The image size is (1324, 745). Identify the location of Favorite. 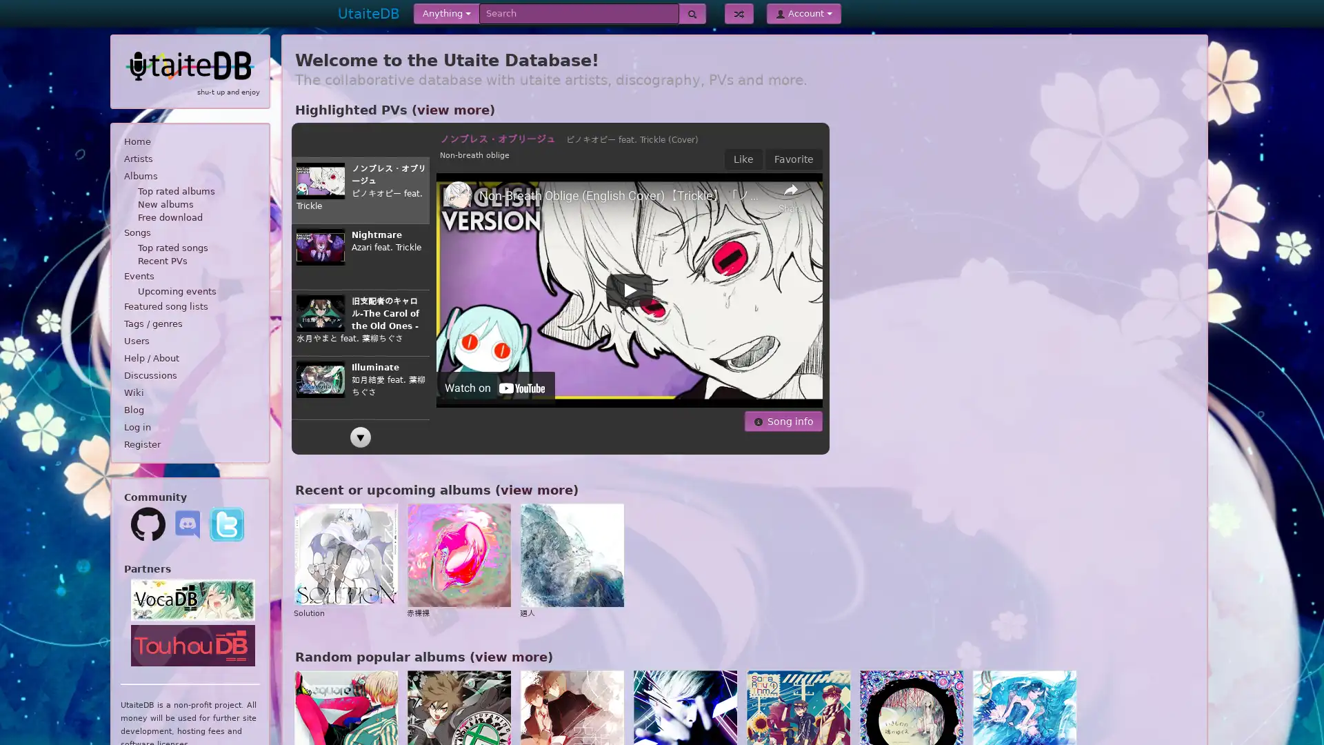
(794, 159).